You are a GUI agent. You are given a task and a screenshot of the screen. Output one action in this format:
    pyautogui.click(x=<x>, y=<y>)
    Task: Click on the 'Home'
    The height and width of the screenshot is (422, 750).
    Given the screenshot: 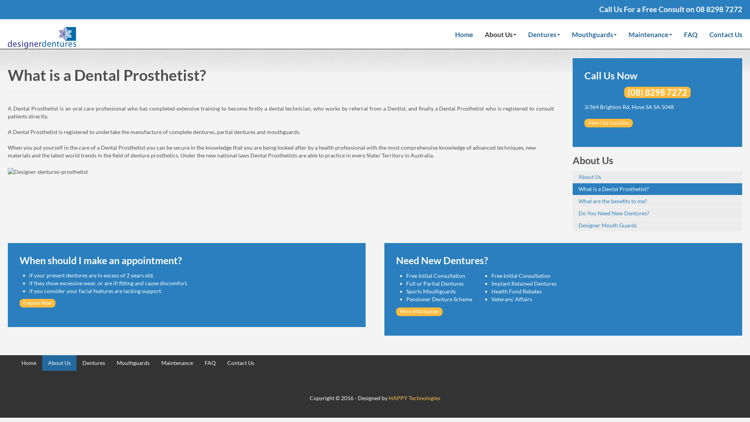 What is the action you would take?
    pyautogui.click(x=464, y=36)
    